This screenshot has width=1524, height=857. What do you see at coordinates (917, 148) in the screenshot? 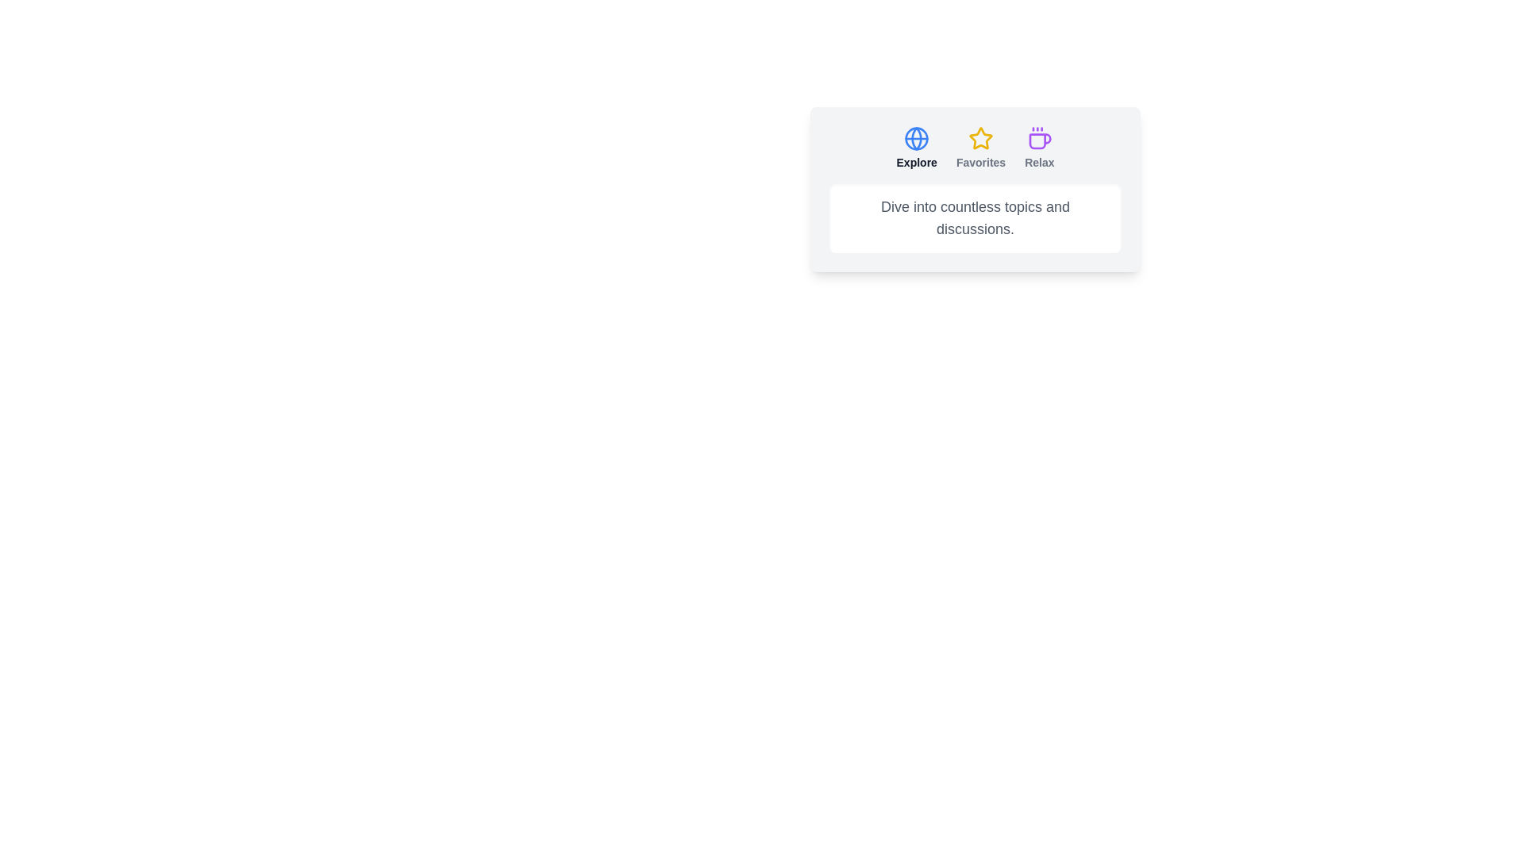
I see `the Explore tab to switch views` at bounding box center [917, 148].